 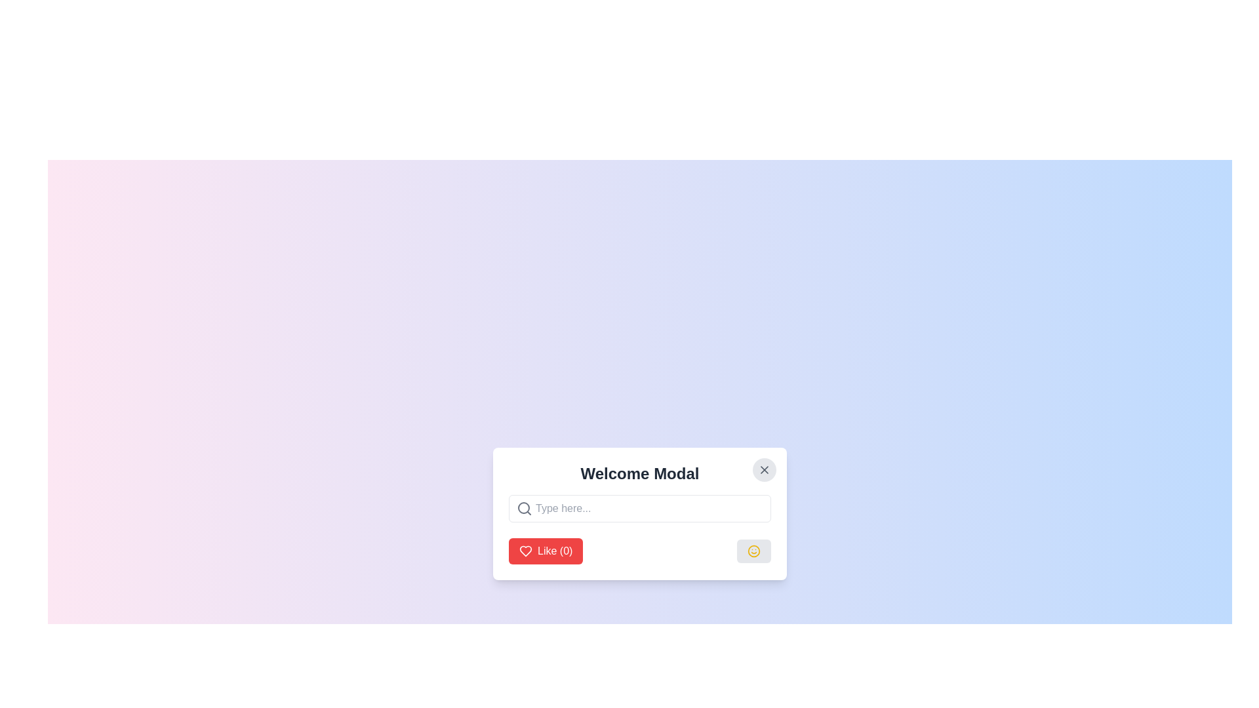 What do you see at coordinates (754, 551) in the screenshot?
I see `the yellow smiley face icon located in the bottom-right corner of the modal dialog, next to the red button labeled 'Like (0)'` at bounding box center [754, 551].